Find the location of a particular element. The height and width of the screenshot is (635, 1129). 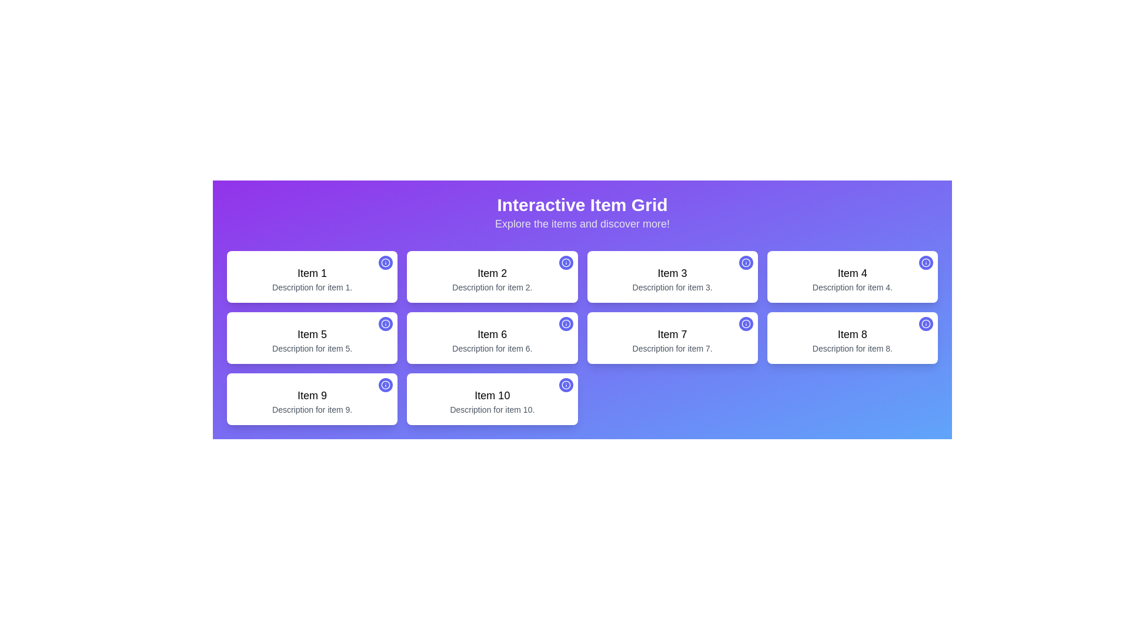

the circular indigo button with white text and an info icon located in the top-right corner of the card labeled 'Item 9' is located at coordinates (386, 385).